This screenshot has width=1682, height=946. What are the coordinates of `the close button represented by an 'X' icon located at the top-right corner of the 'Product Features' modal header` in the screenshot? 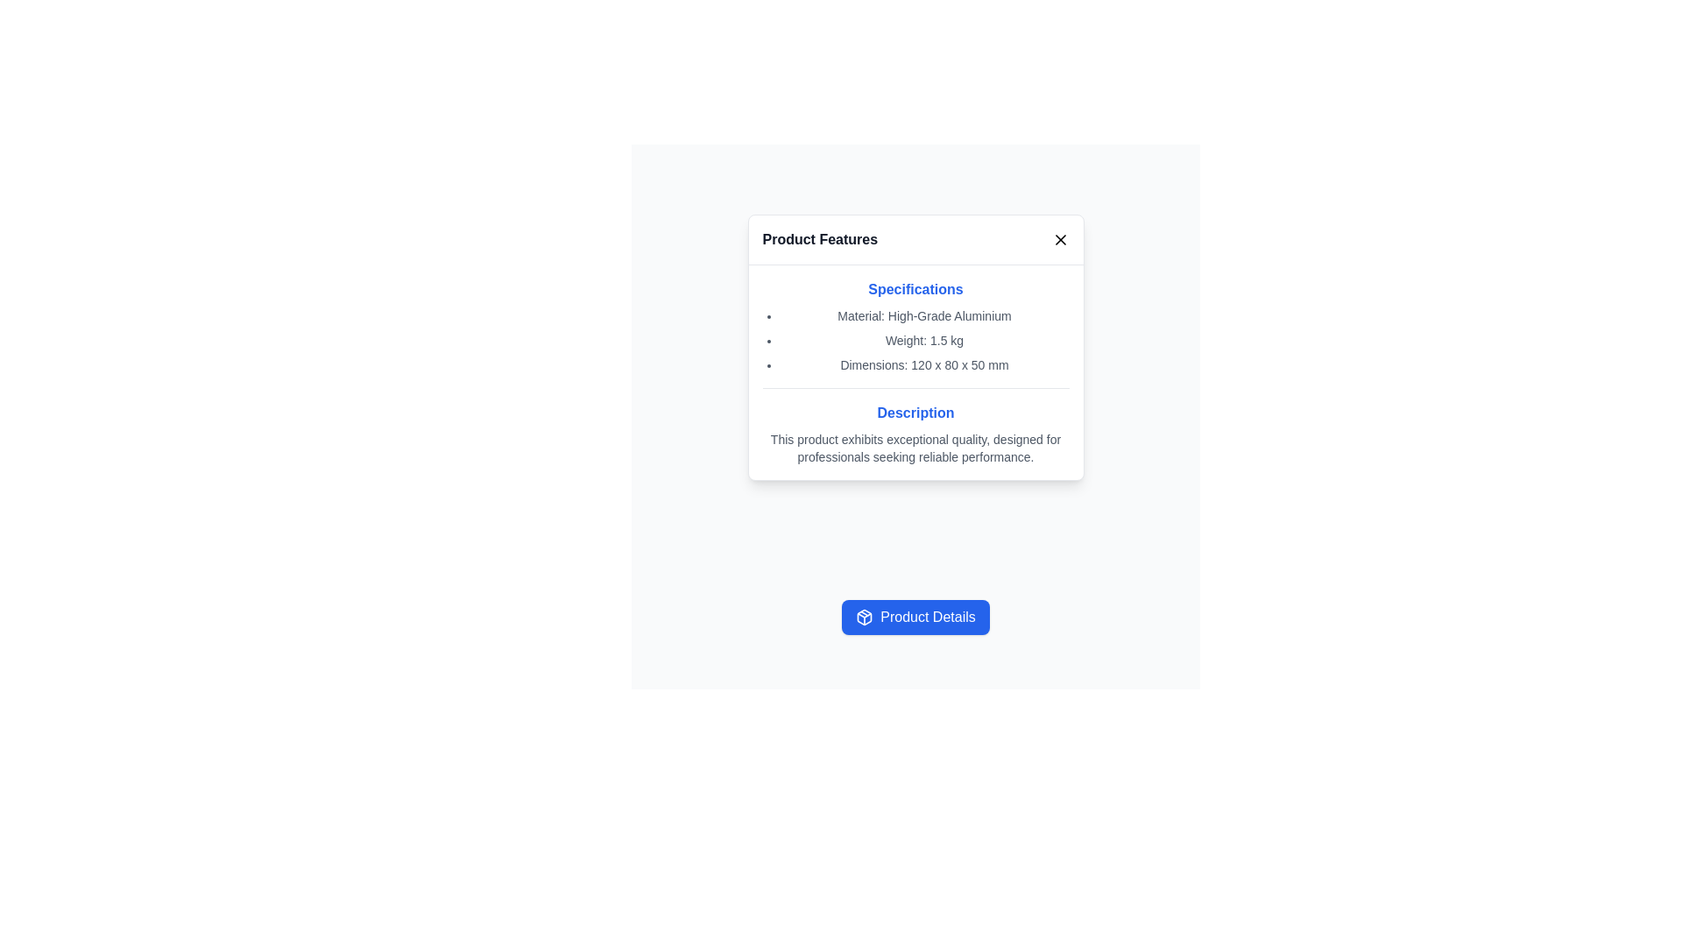 It's located at (1059, 239).